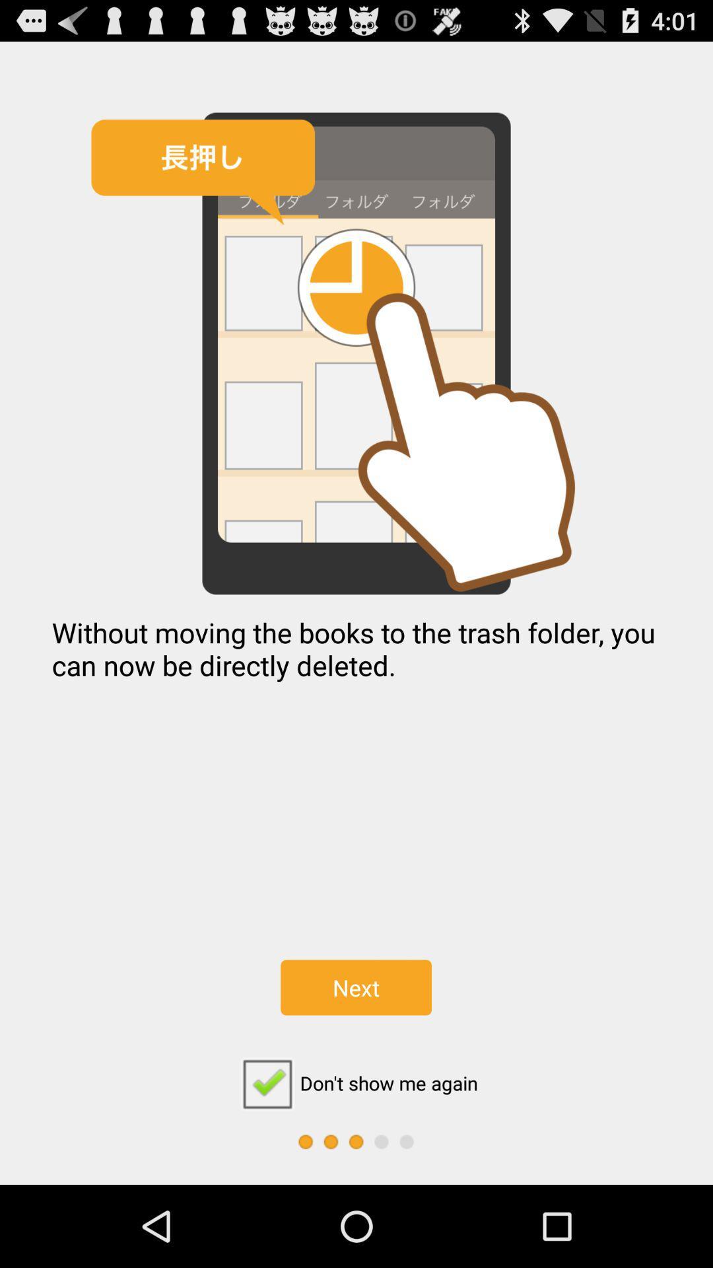  Describe the element at coordinates (355, 987) in the screenshot. I see `checkbox above the don t show checkbox` at that location.